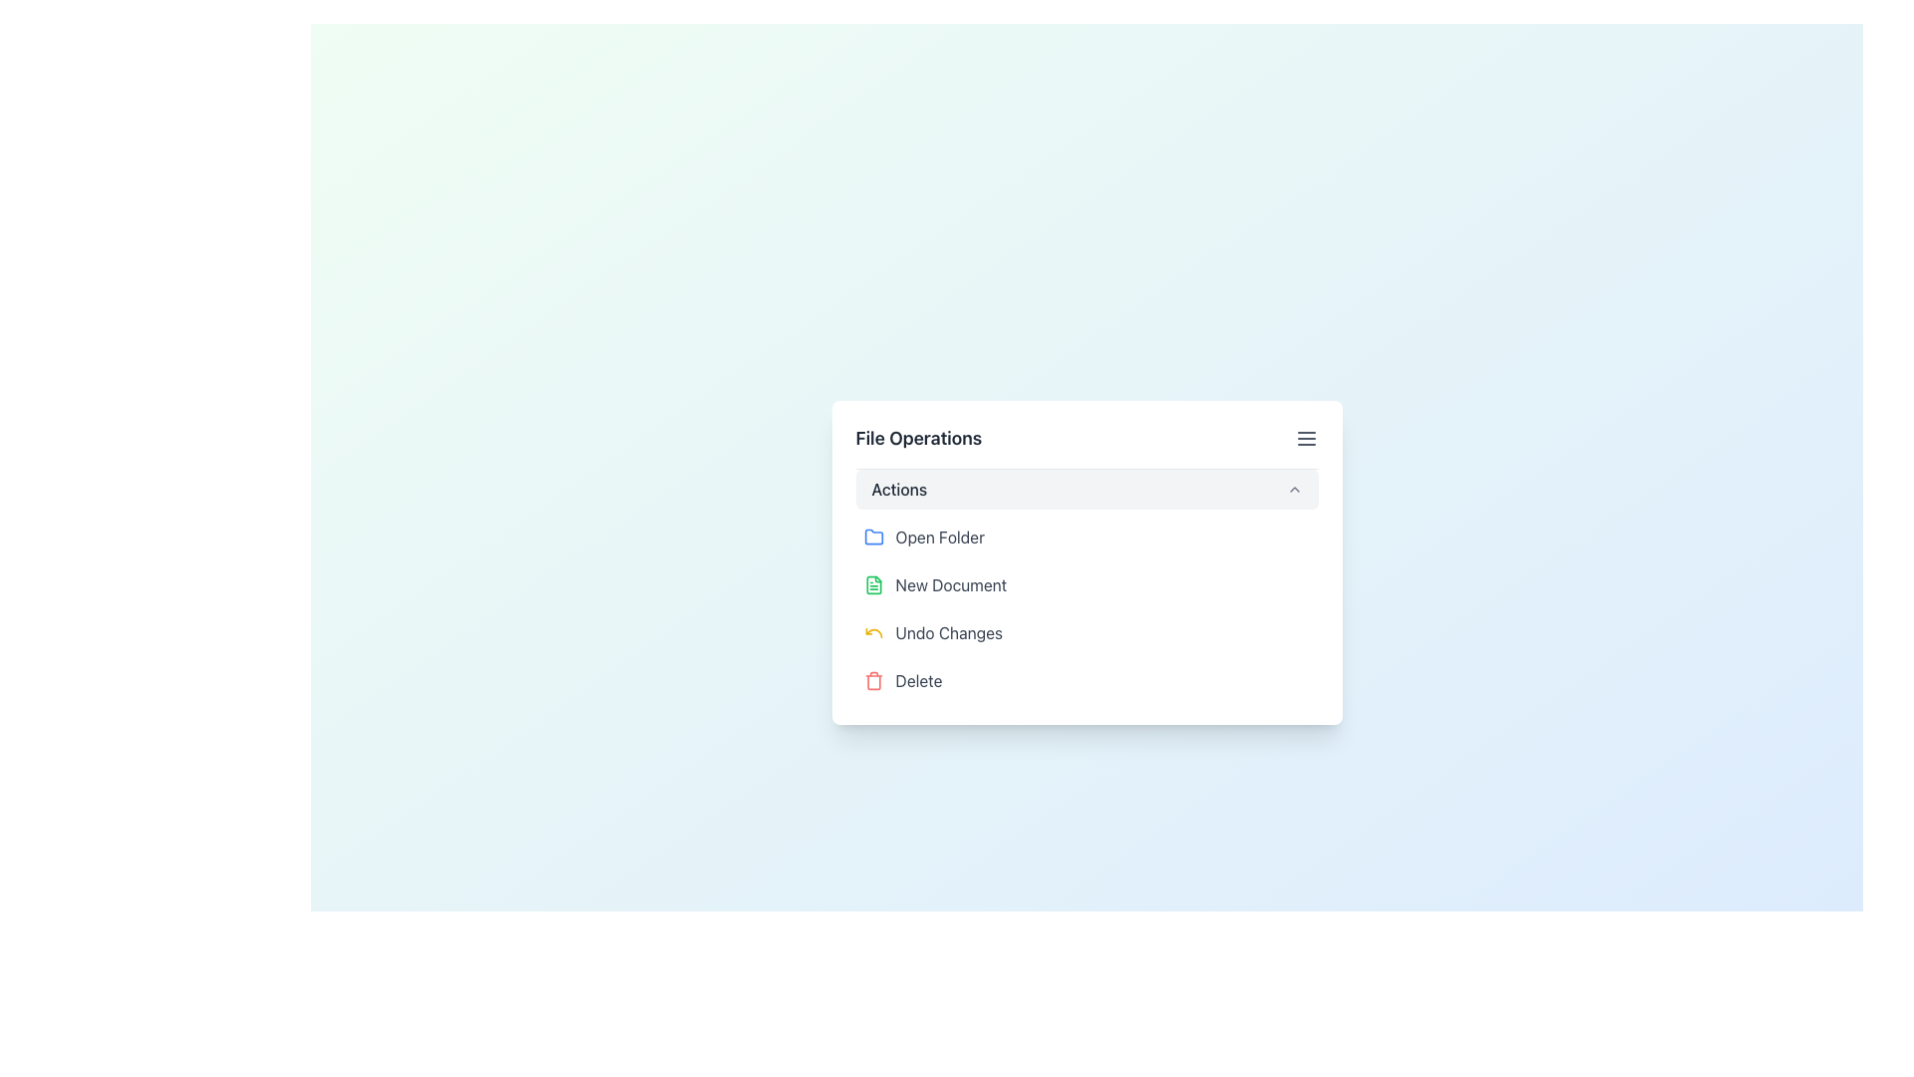 The image size is (1914, 1077). I want to click on the label that represents the action to create or open a new document, which is the second item in the list of options within the 'File Operations' dialog box, so click(950, 583).